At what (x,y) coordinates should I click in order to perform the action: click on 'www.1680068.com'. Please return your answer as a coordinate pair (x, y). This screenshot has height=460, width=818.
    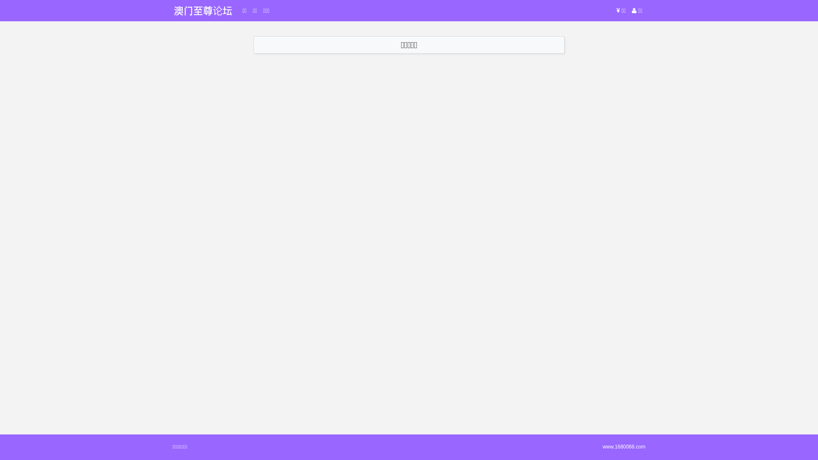
    Looking at the image, I should click on (602, 446).